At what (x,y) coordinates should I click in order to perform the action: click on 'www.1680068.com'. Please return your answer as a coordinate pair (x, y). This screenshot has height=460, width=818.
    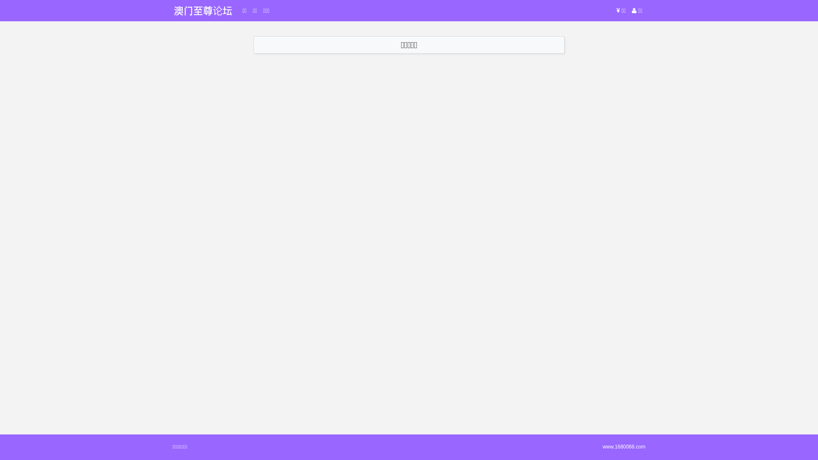
    Looking at the image, I should click on (602, 446).